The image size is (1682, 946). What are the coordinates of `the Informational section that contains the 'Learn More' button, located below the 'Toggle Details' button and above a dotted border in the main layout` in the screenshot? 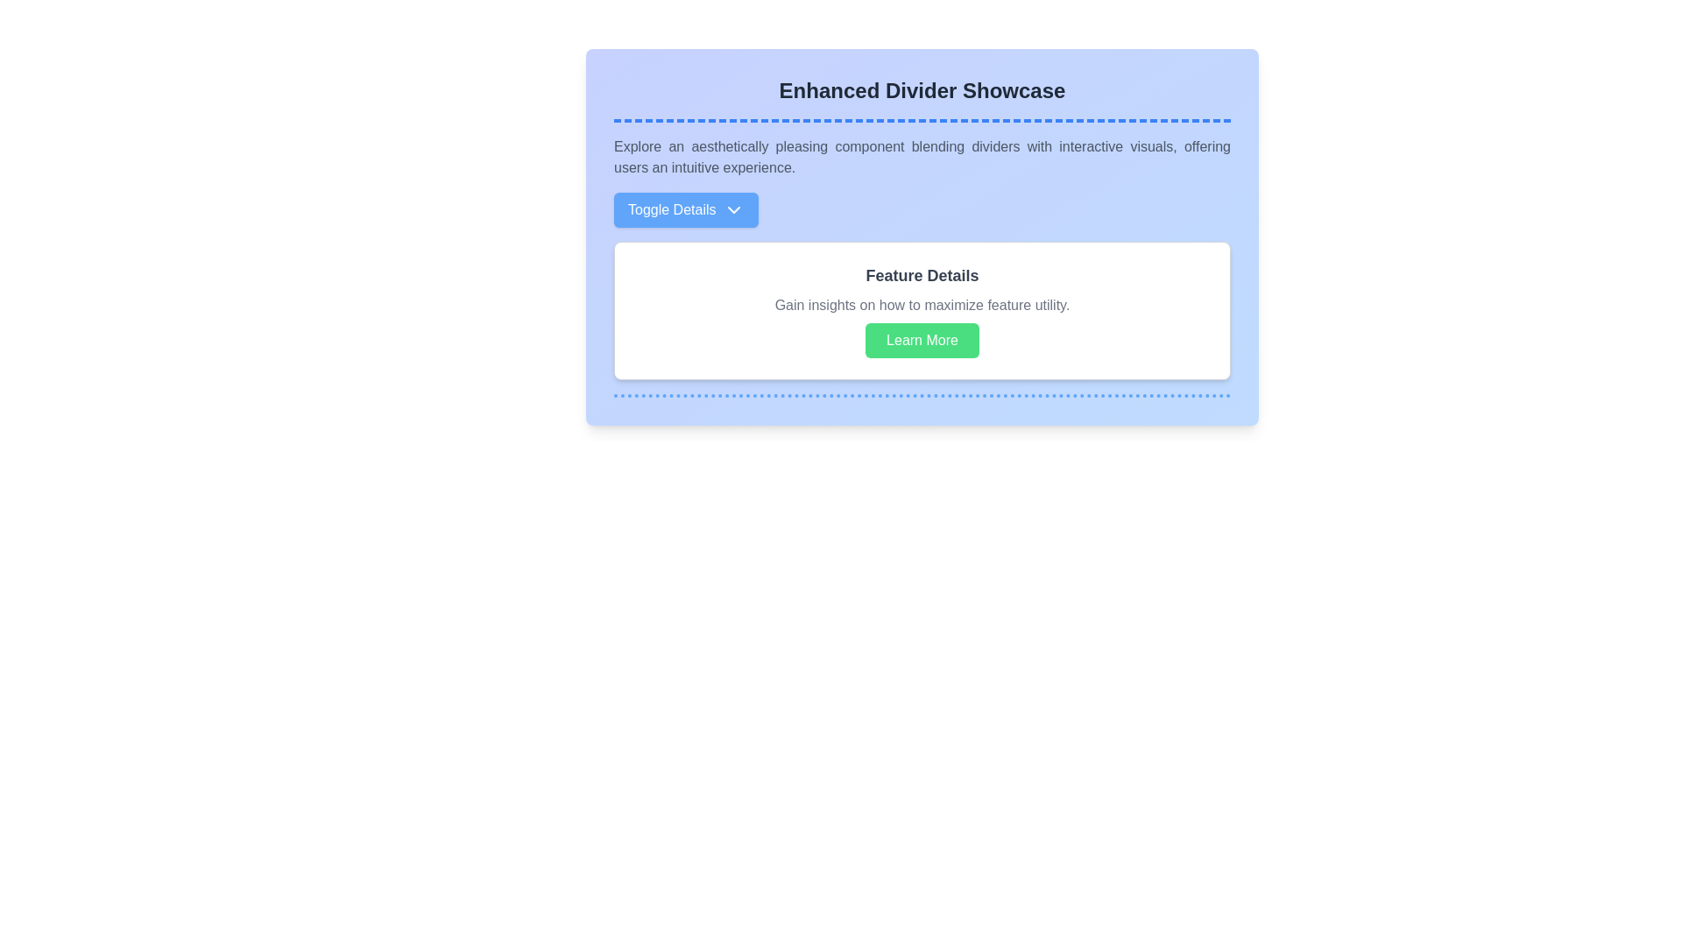 It's located at (921, 286).